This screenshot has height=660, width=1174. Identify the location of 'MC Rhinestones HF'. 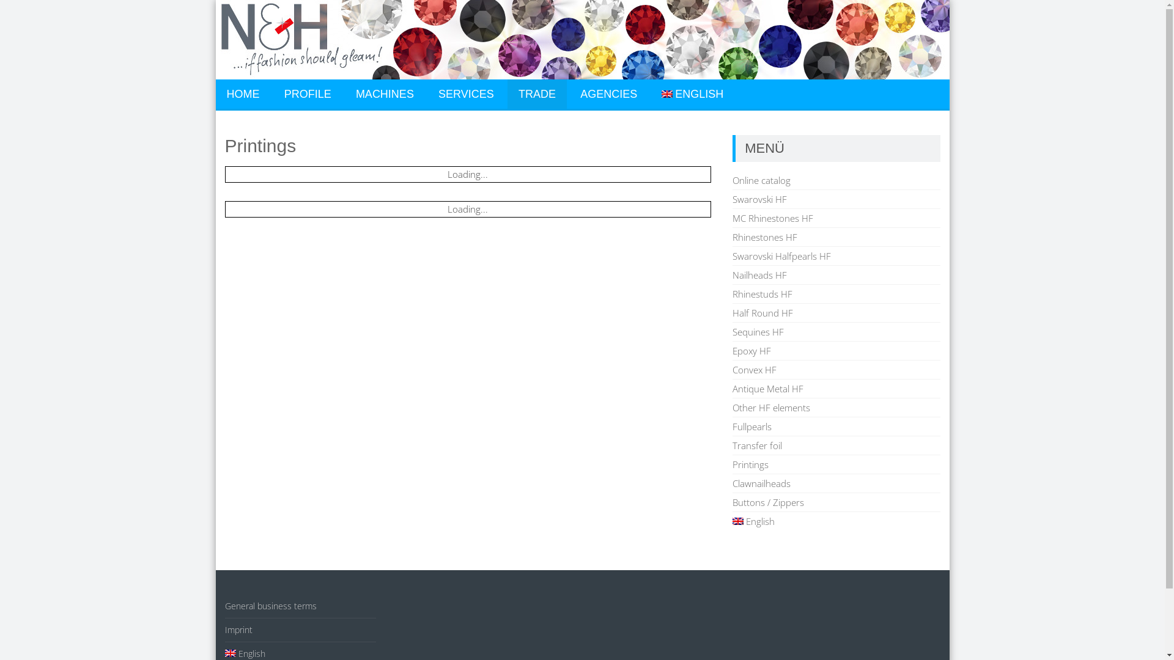
(772, 218).